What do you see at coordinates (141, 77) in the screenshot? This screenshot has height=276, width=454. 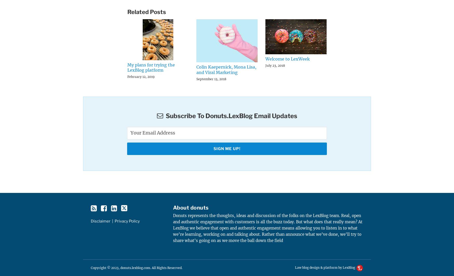 I see `'February 12, 2019'` at bounding box center [141, 77].